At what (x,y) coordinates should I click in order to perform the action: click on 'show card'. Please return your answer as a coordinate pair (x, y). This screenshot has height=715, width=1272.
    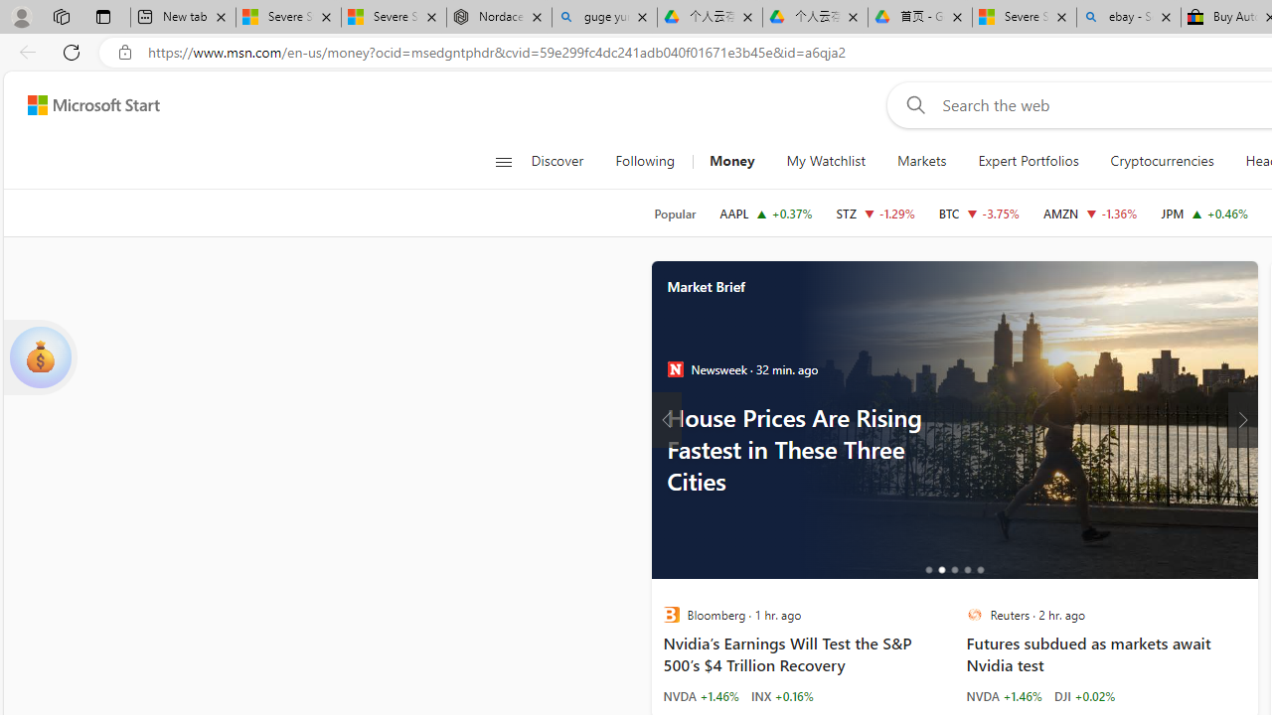
    Looking at the image, I should click on (40, 357).